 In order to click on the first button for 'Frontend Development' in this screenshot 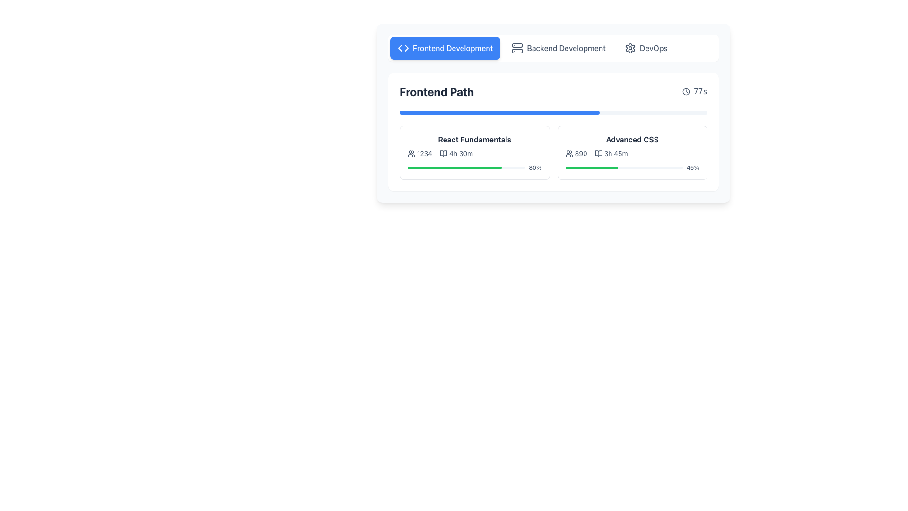, I will do `click(445, 48)`.